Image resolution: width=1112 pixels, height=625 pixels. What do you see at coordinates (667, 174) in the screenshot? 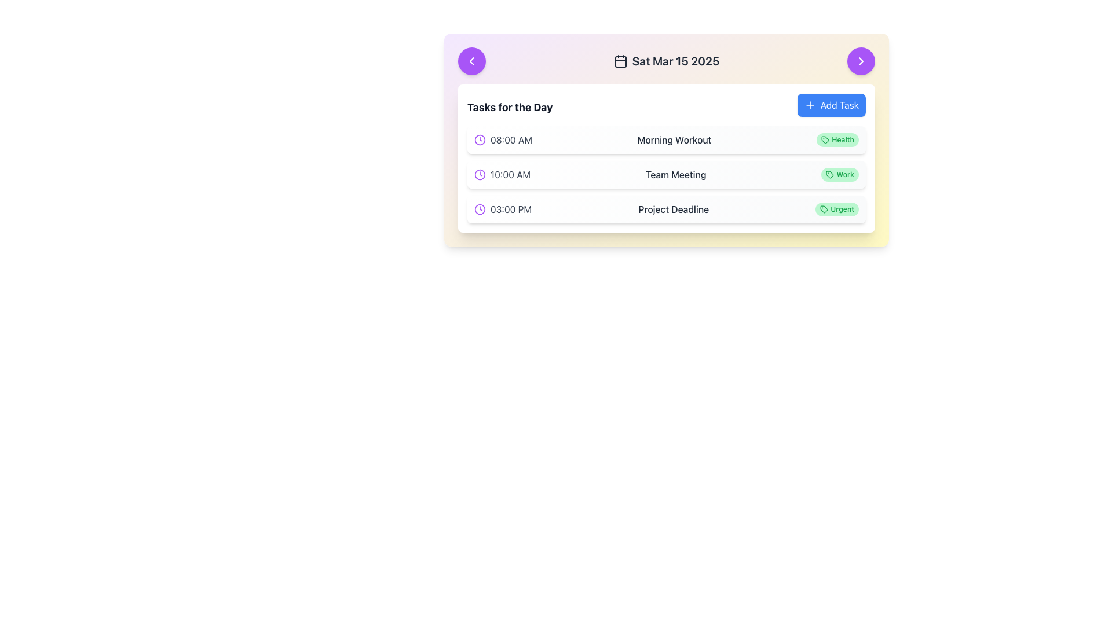
I see `the second item in the list of tasks, representing a scheduled team meeting` at bounding box center [667, 174].